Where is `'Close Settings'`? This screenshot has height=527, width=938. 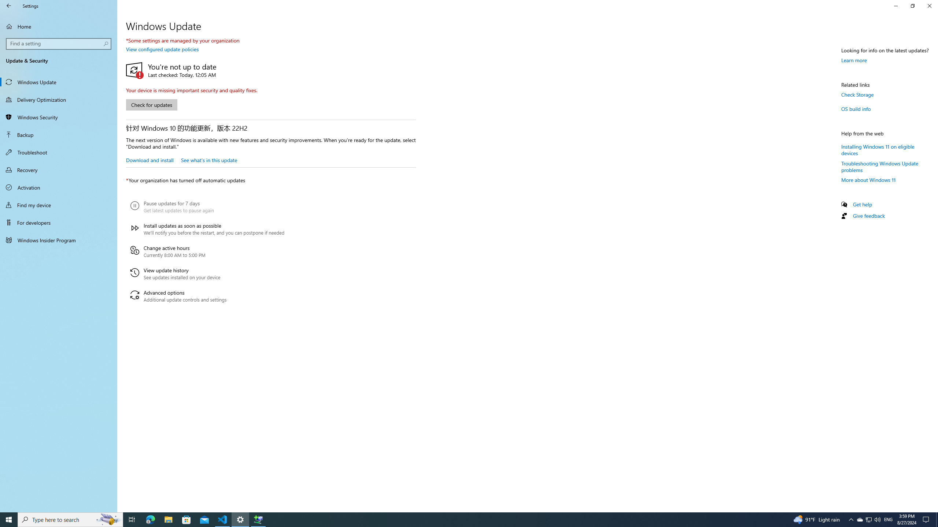
'Close Settings' is located at coordinates (929, 5).